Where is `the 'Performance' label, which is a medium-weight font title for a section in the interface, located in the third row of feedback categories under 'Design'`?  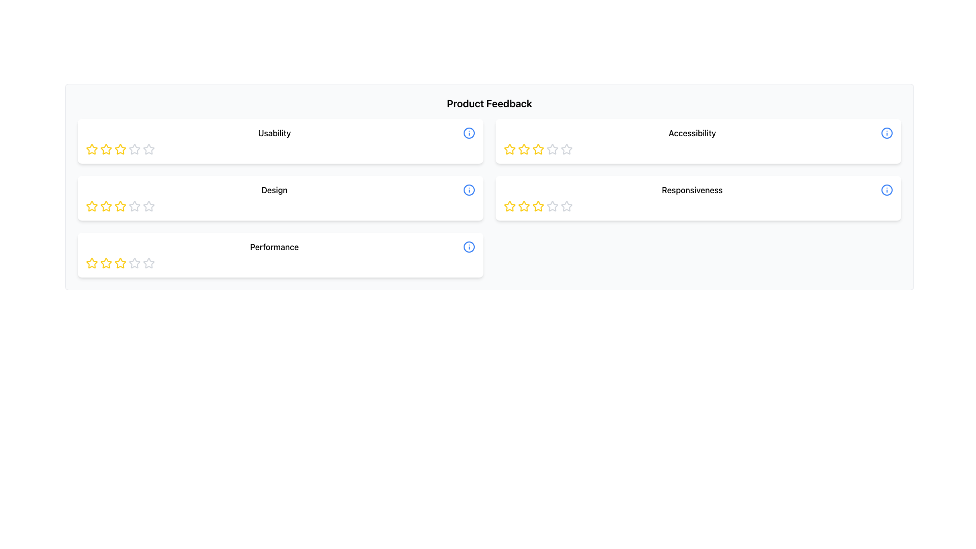 the 'Performance' label, which is a medium-weight font title for a section in the interface, located in the third row of feedback categories under 'Design' is located at coordinates (281, 247).